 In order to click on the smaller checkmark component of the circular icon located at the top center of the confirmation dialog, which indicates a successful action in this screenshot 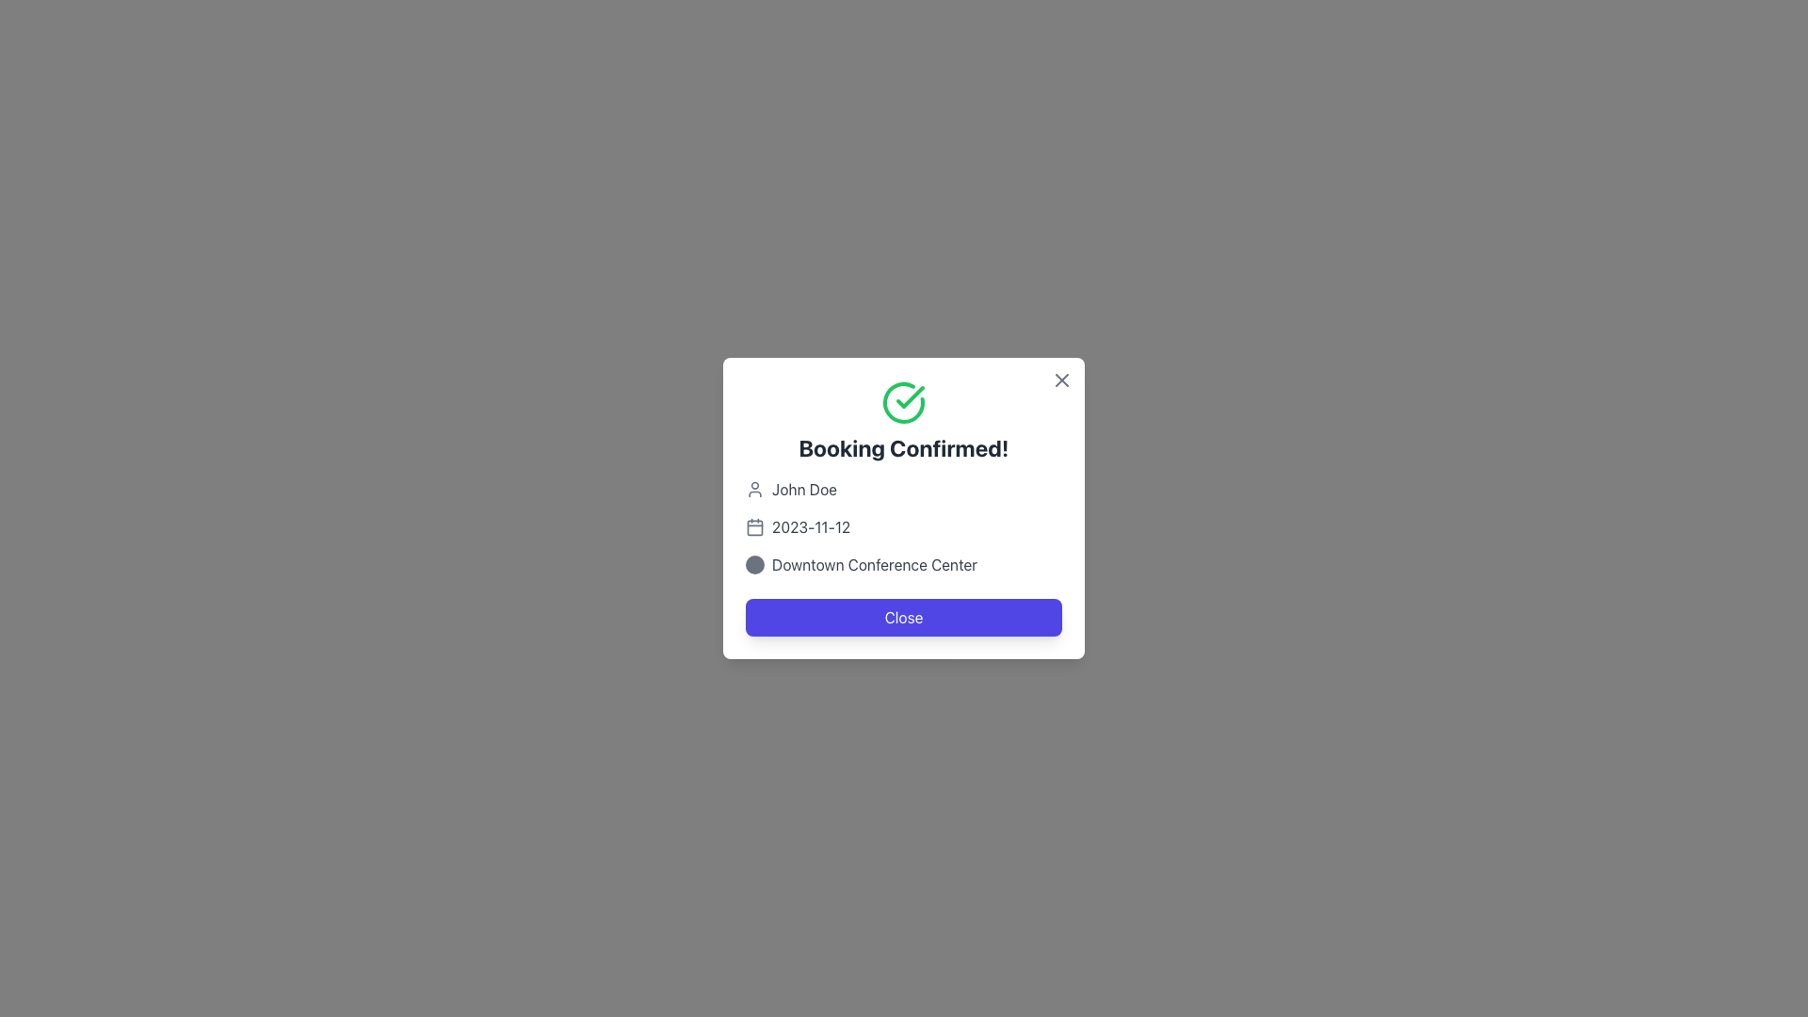, I will do `click(910, 395)`.